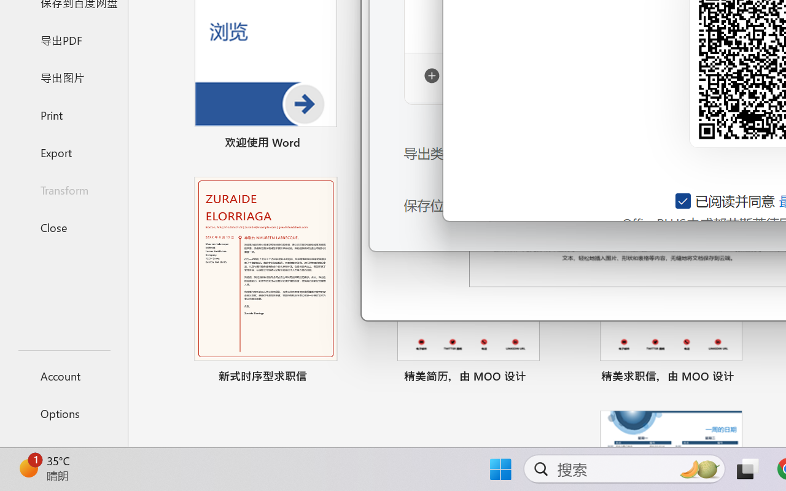  Describe the element at coordinates (683, 200) in the screenshot. I see `'AutomationID: checkbox-14'` at that location.